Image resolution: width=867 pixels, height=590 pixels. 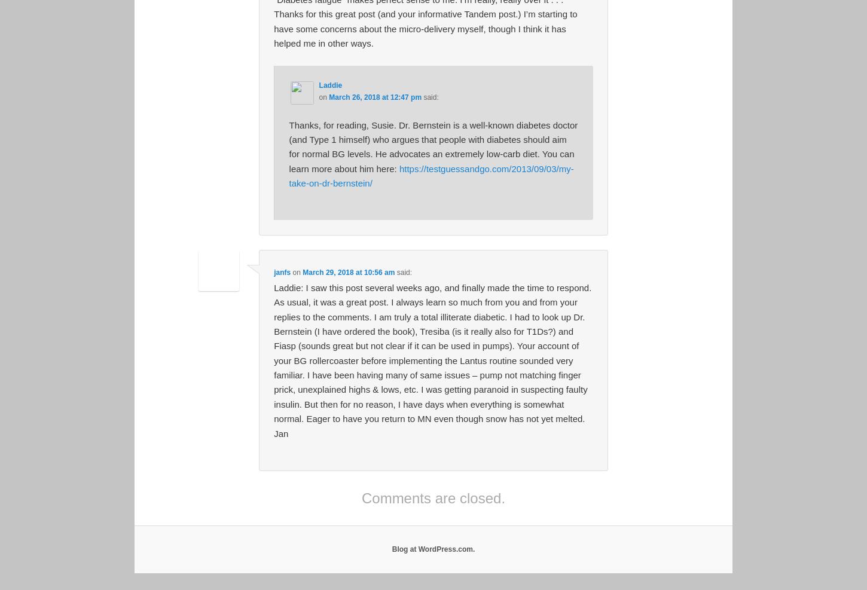 What do you see at coordinates (430, 175) in the screenshot?
I see `'https://testguessandgo.com/2013/09/03/my-take-on-dr-bernstein/'` at bounding box center [430, 175].